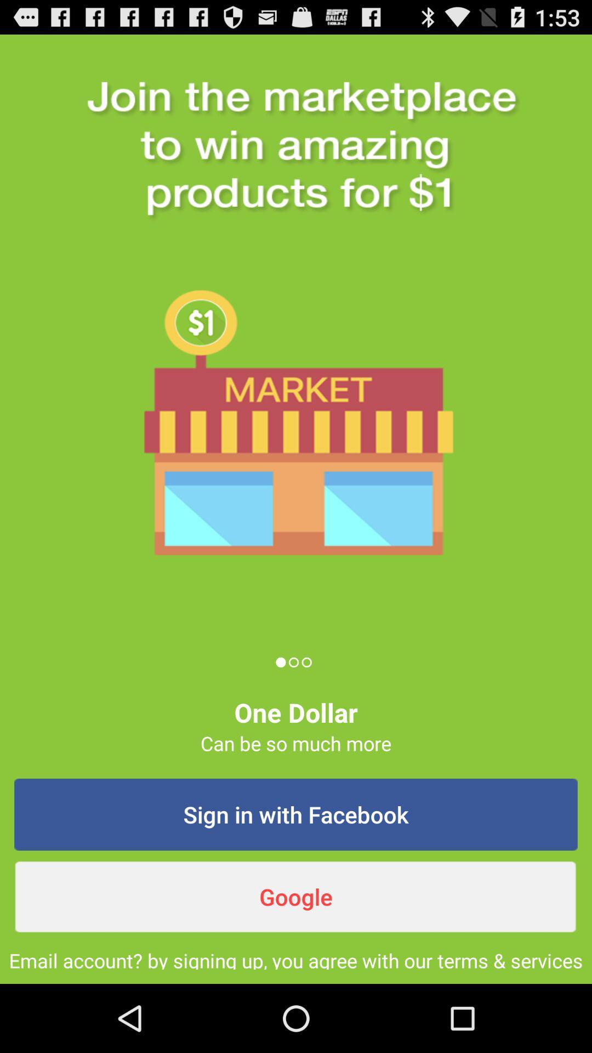 This screenshot has width=592, height=1053. What do you see at coordinates (296, 958) in the screenshot?
I see `the email account by` at bounding box center [296, 958].